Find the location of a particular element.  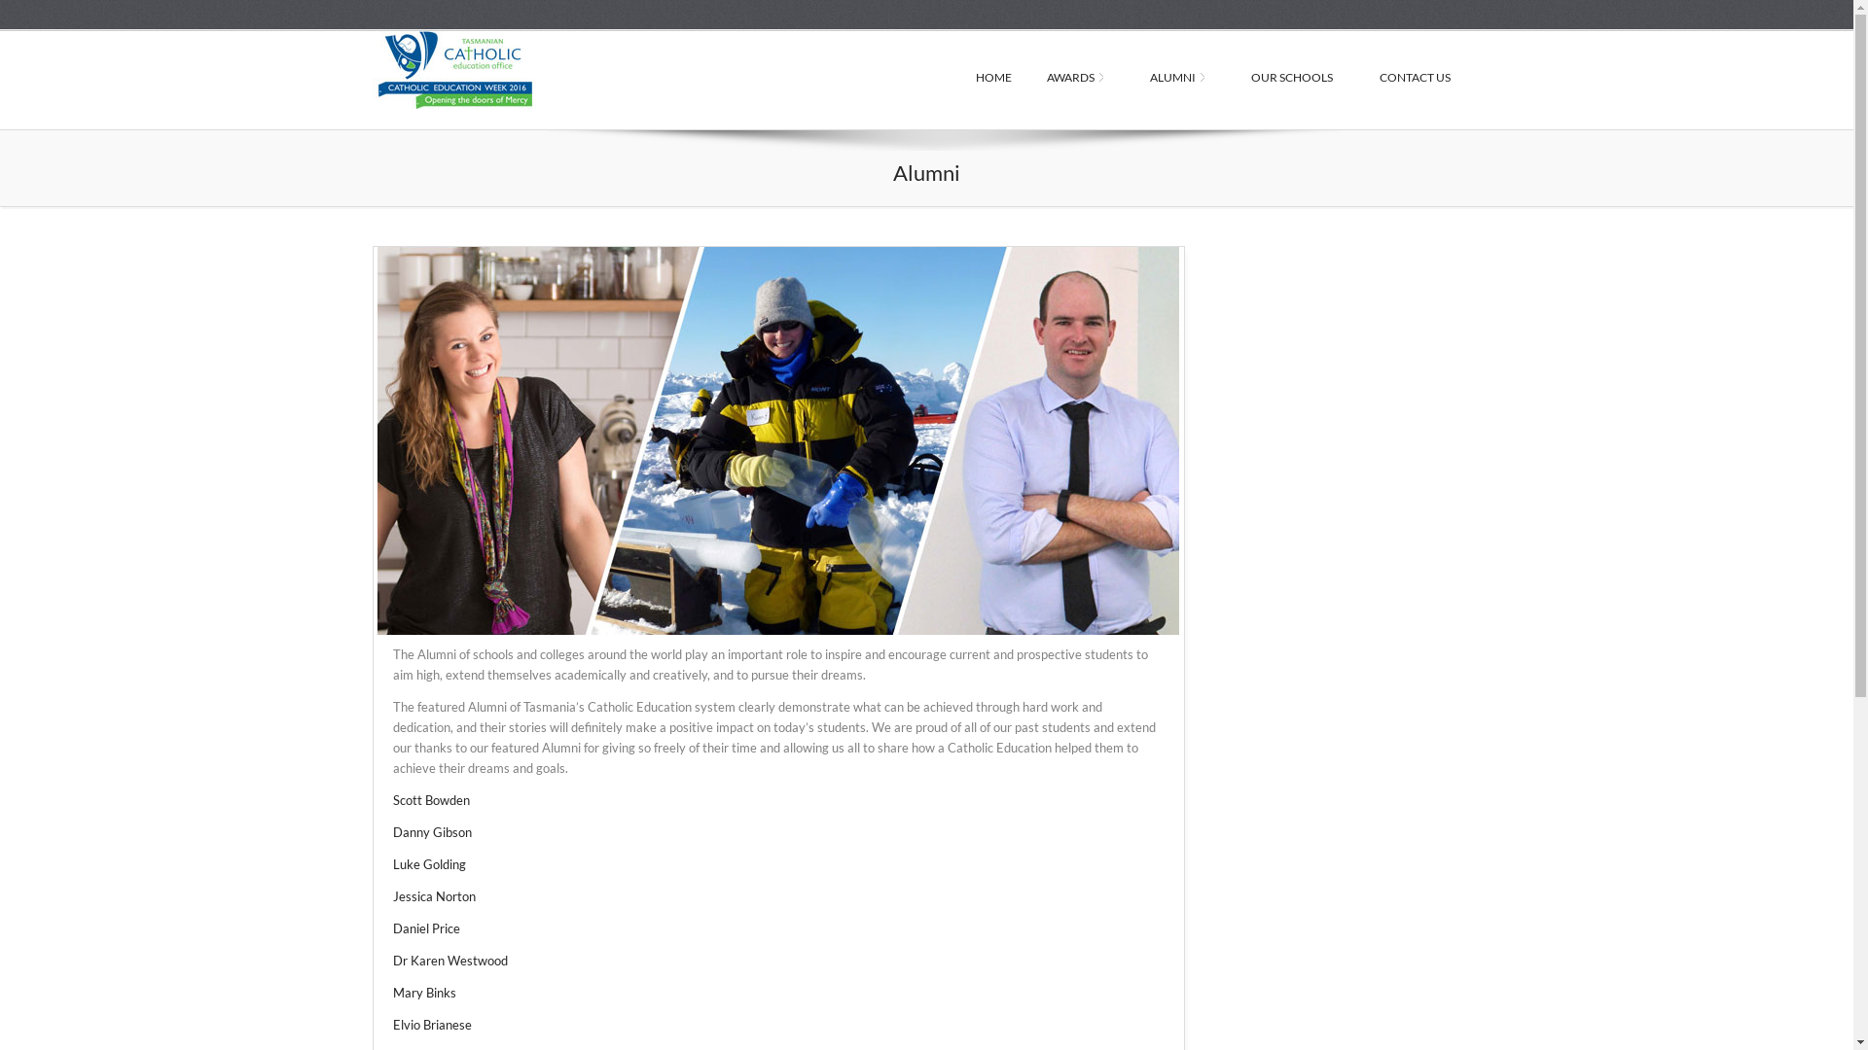

'Danny Gibson' is located at coordinates (431, 831).